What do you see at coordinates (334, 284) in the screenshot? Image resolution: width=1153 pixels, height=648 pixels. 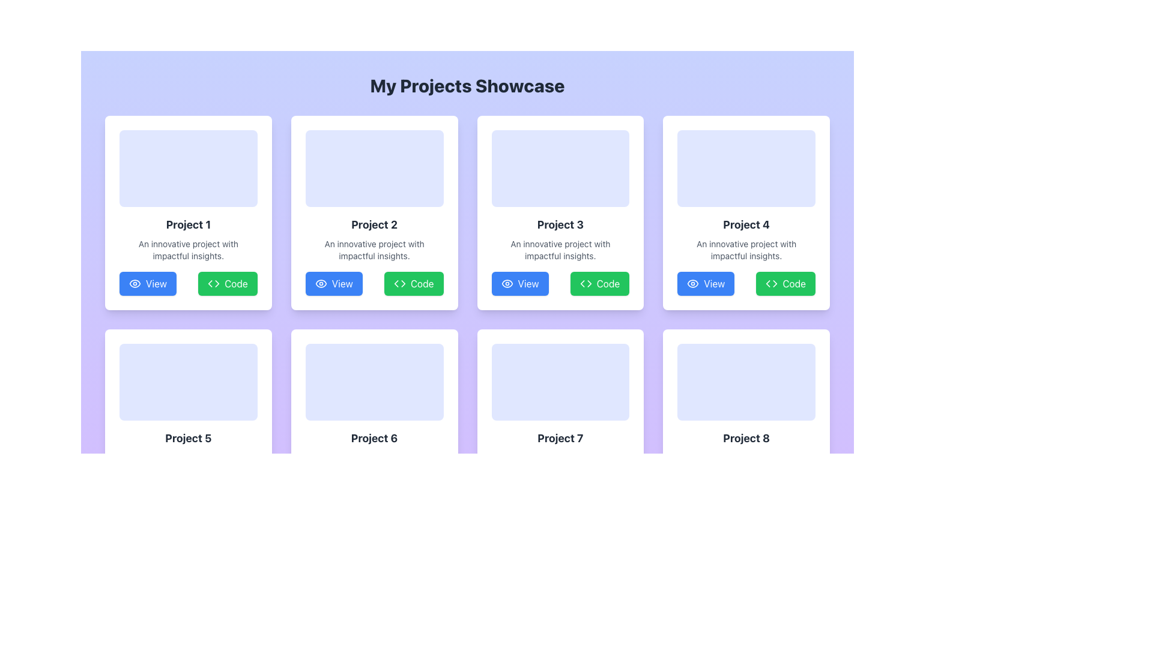 I see `the 'View' button with a blue background and an eye icon, located in the second project card from the left in the top row of the visible grid` at bounding box center [334, 284].